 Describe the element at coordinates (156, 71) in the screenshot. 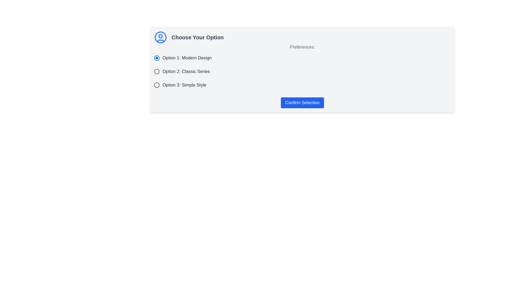

I see `the second radio button labeled 'Option 2: Classic Series' to receive focus indication` at that location.